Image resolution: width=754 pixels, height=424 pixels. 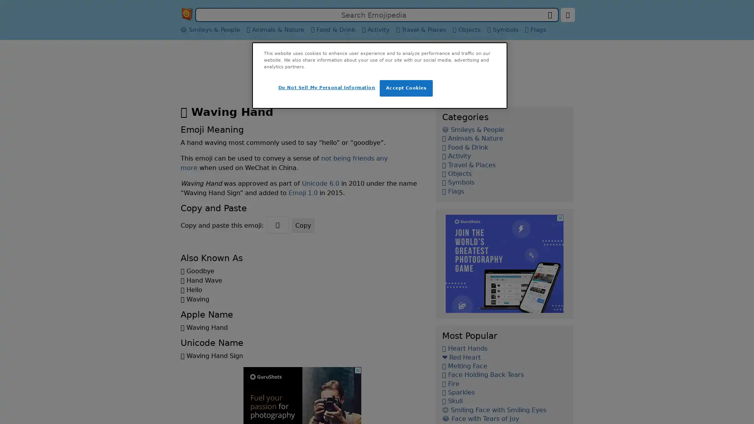 I want to click on change language, so click(x=567, y=15).